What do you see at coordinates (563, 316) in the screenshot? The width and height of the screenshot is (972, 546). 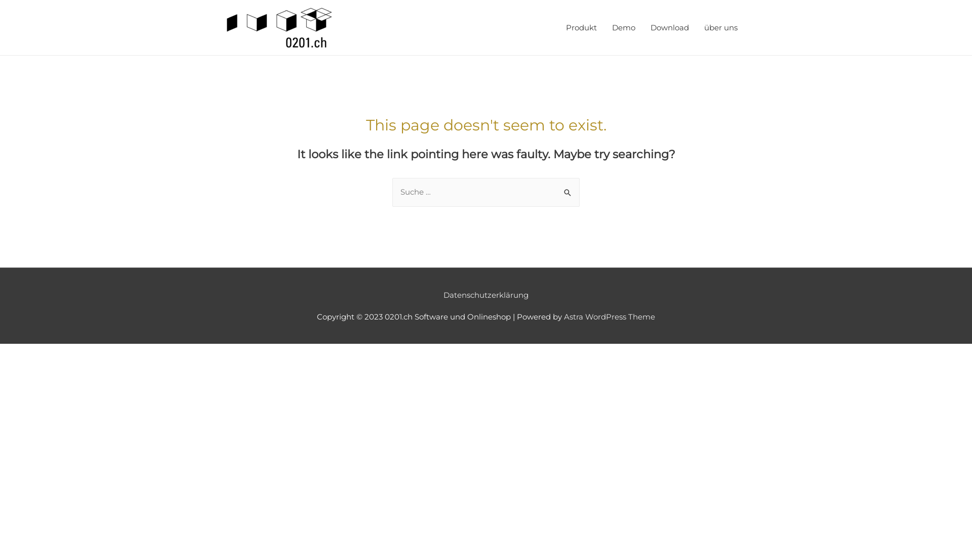 I see `'Astra WordPress Theme'` at bounding box center [563, 316].